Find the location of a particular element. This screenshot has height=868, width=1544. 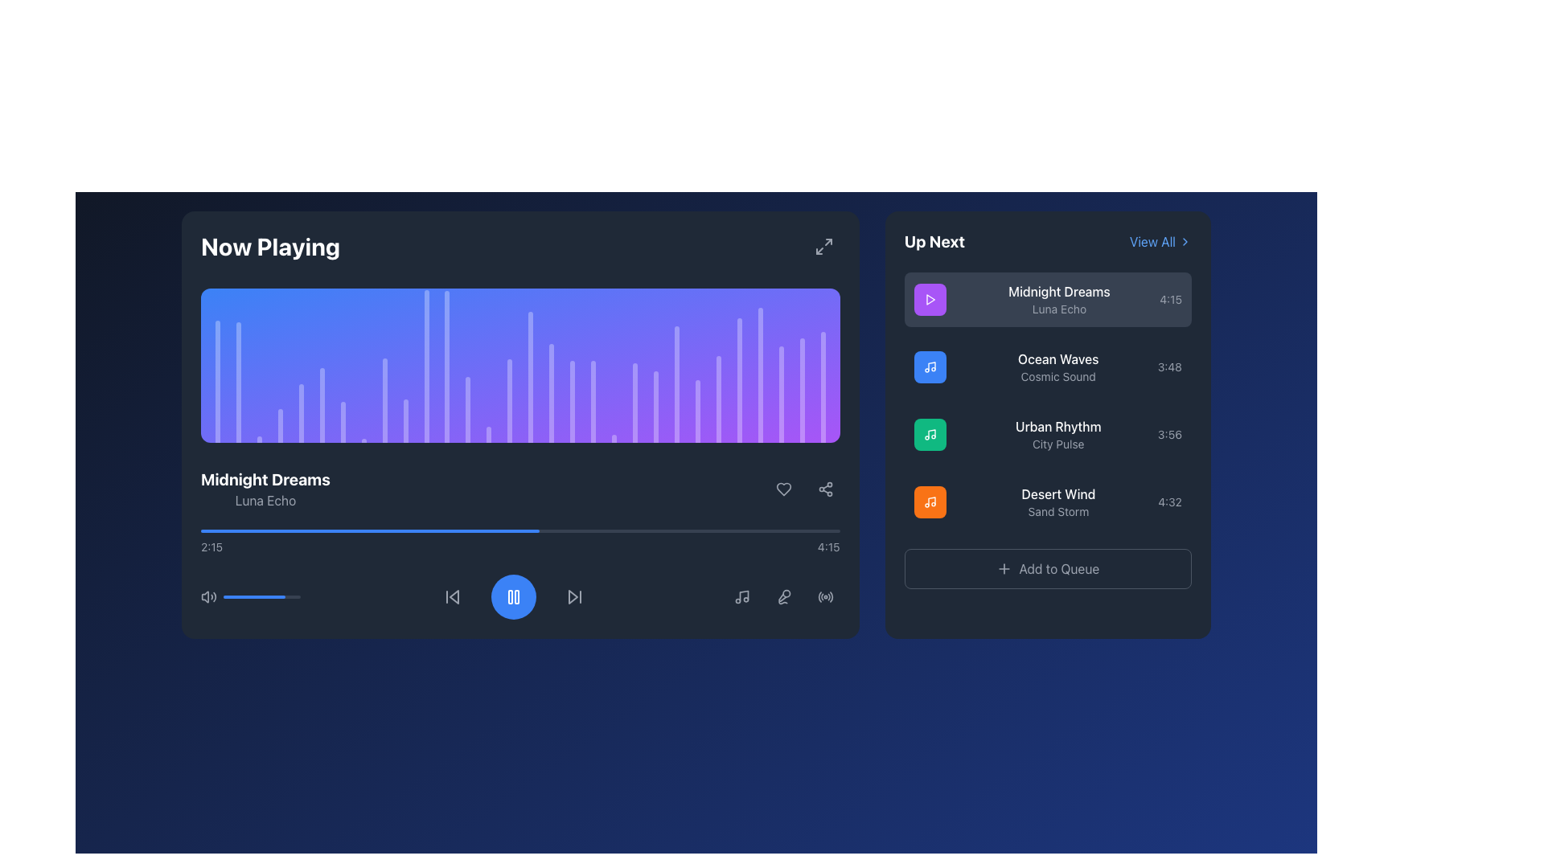

the third button in the playback control section, located to the right of the central blue circular pause button, to skip to the next track is located at coordinates (575, 597).